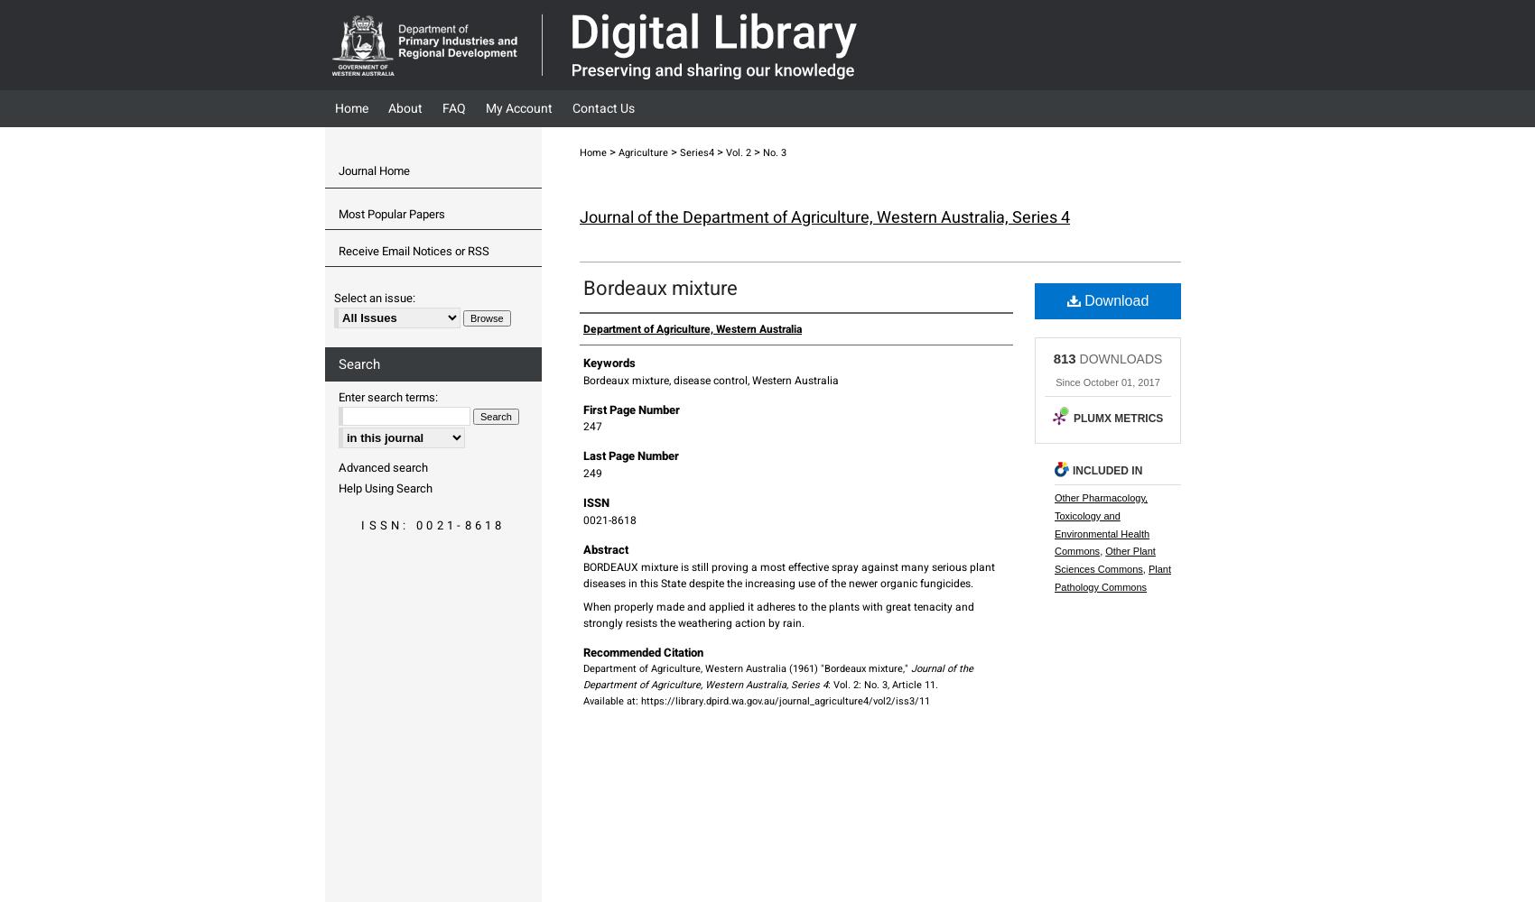 This screenshot has width=1535, height=902. What do you see at coordinates (603, 107) in the screenshot?
I see `'Contact Us'` at bounding box center [603, 107].